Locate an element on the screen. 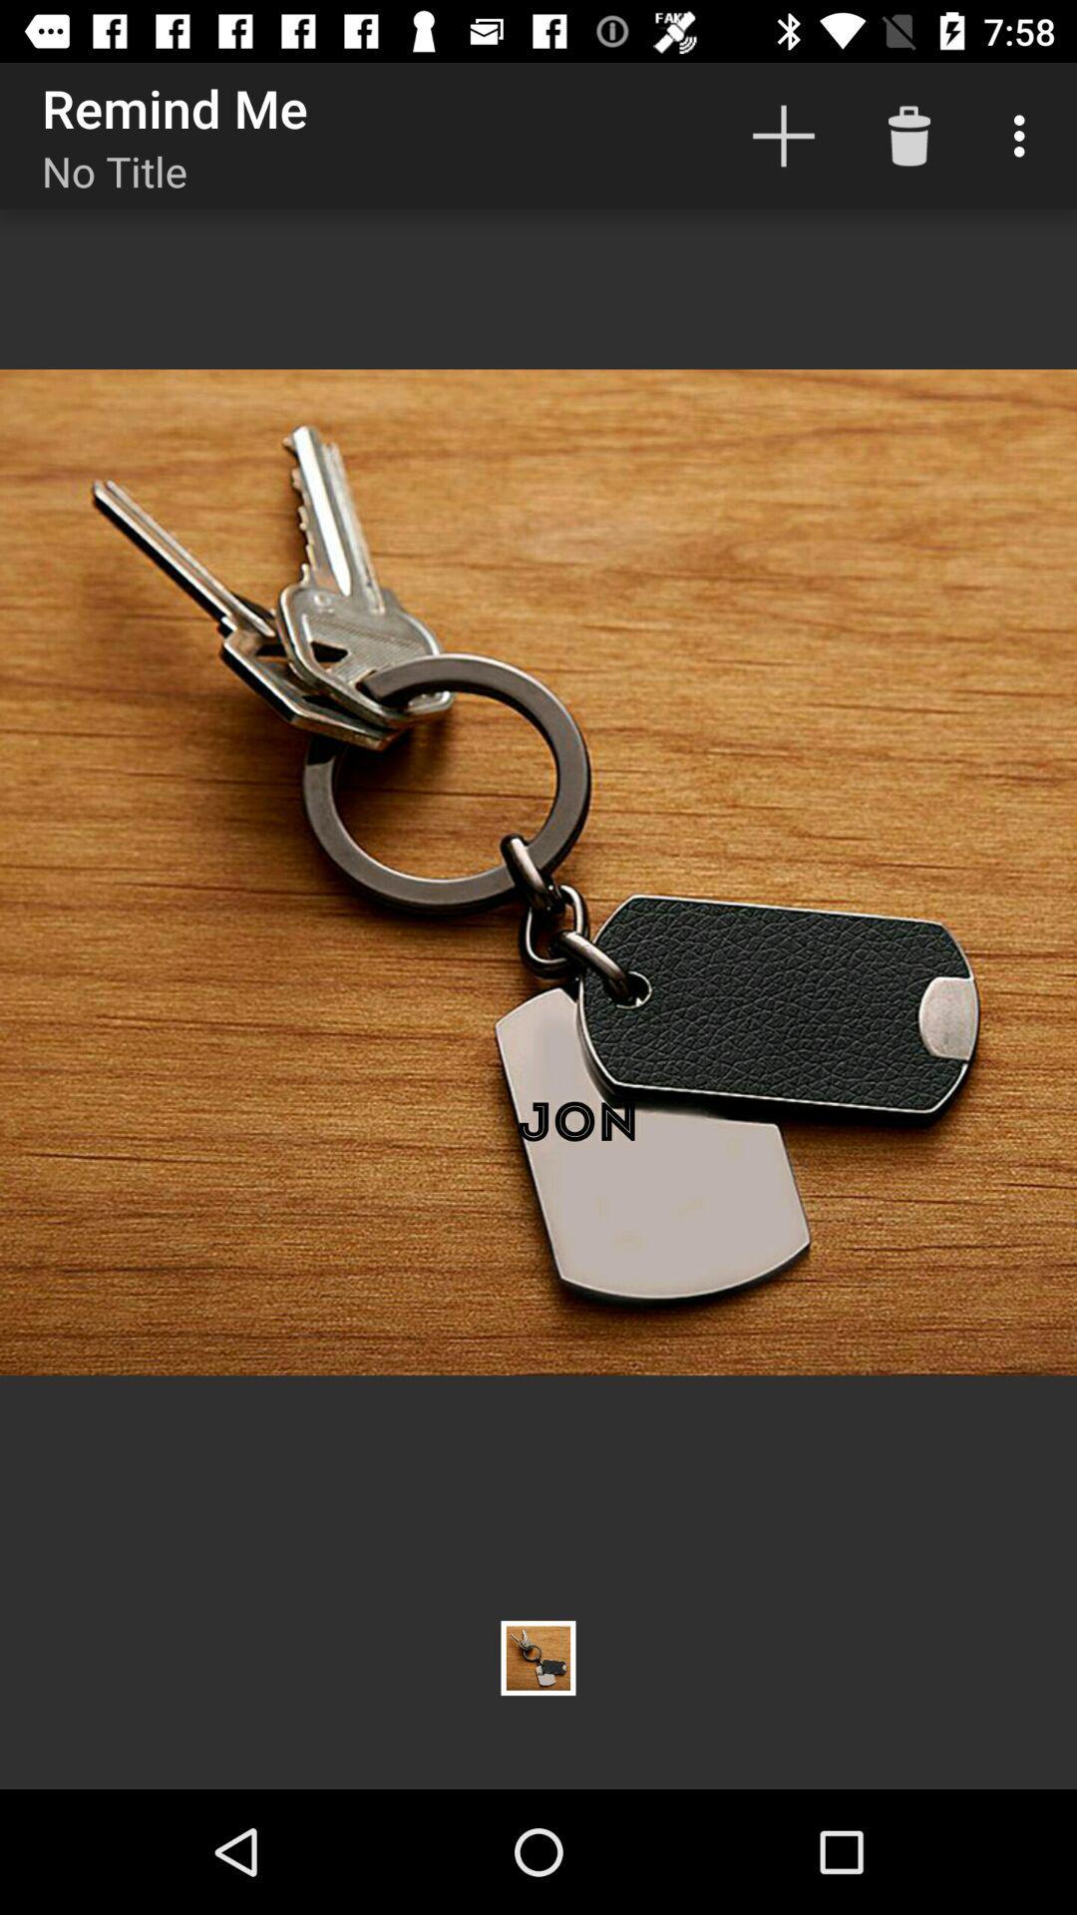 The image size is (1077, 1915). the icon at the center is located at coordinates (538, 872).